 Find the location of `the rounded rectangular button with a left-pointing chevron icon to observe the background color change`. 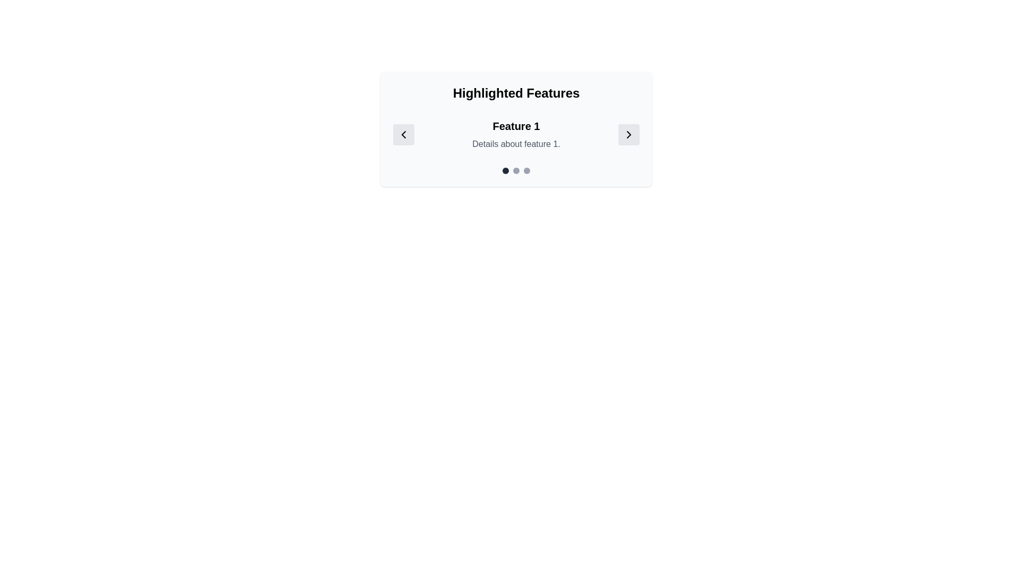

the rounded rectangular button with a left-pointing chevron icon to observe the background color change is located at coordinates (403, 134).